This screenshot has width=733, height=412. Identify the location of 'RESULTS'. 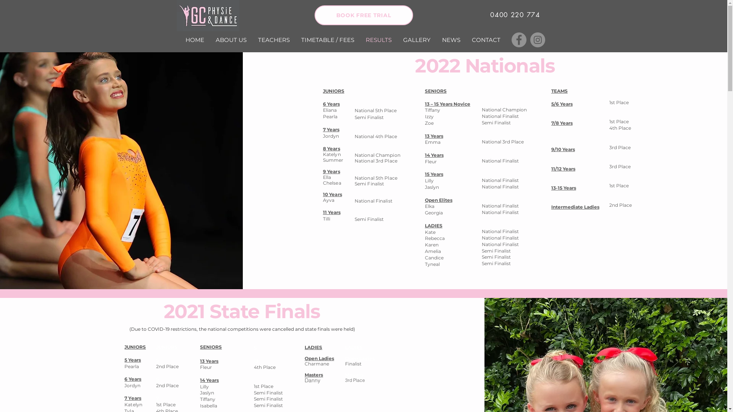
(359, 40).